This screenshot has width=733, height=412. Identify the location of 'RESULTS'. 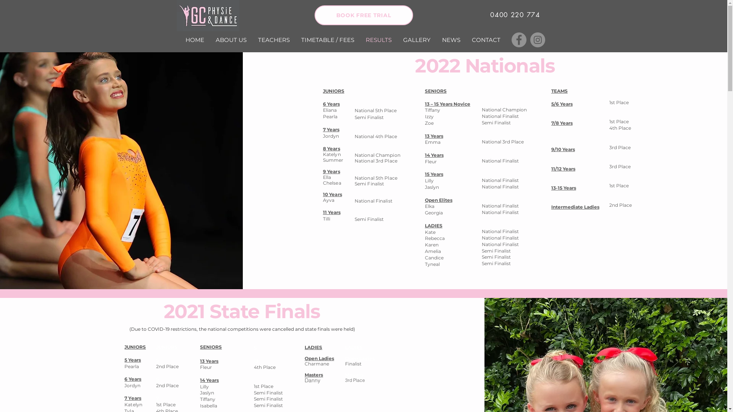
(359, 40).